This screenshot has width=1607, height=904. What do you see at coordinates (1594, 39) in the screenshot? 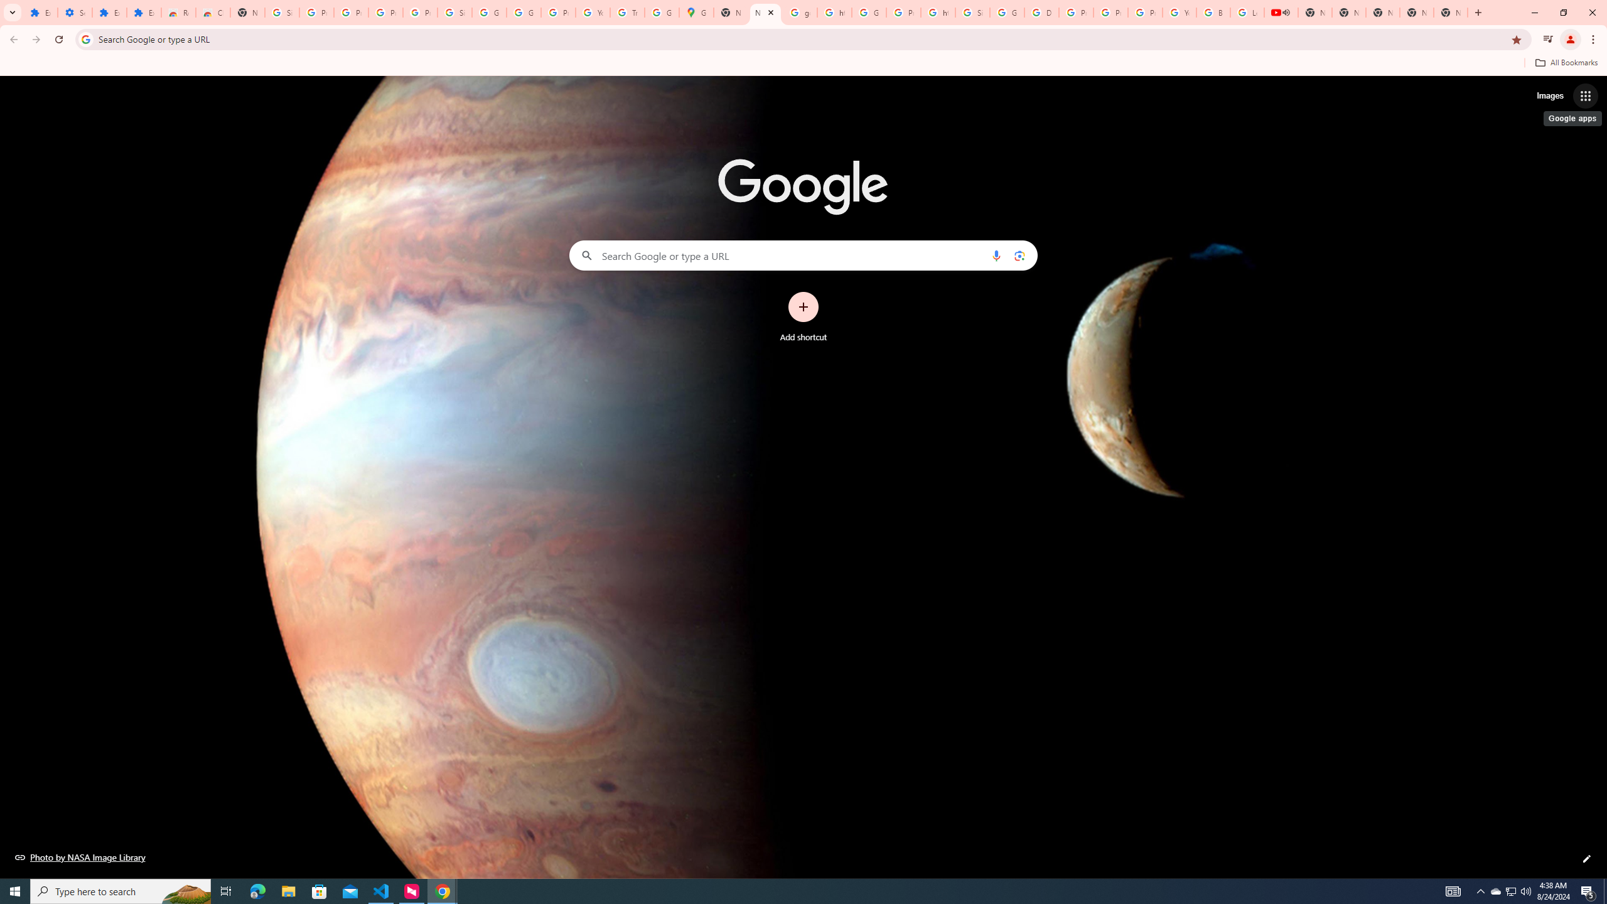
I see `'Chrome'` at bounding box center [1594, 39].